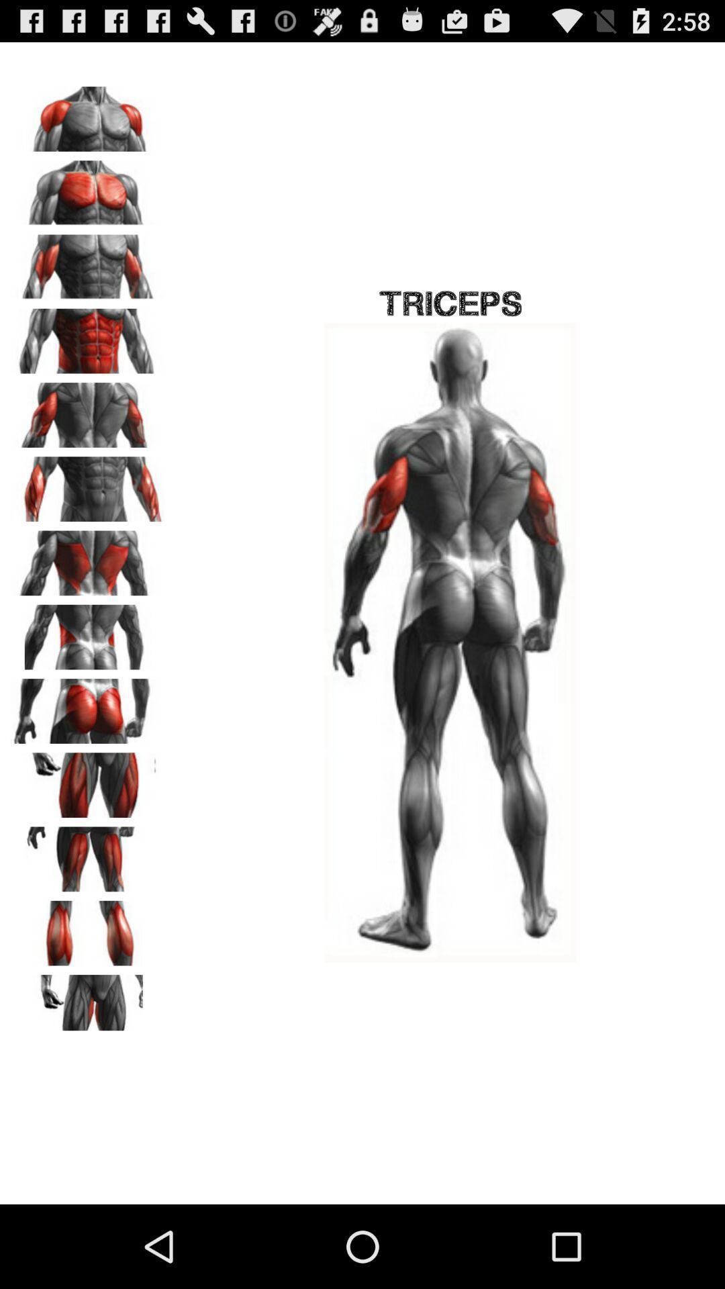 This screenshot has height=1289, width=725. I want to click on muscle group, so click(88, 187).